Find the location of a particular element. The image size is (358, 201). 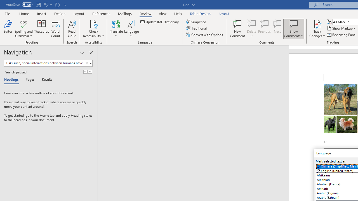

'Language' is located at coordinates (131, 29).